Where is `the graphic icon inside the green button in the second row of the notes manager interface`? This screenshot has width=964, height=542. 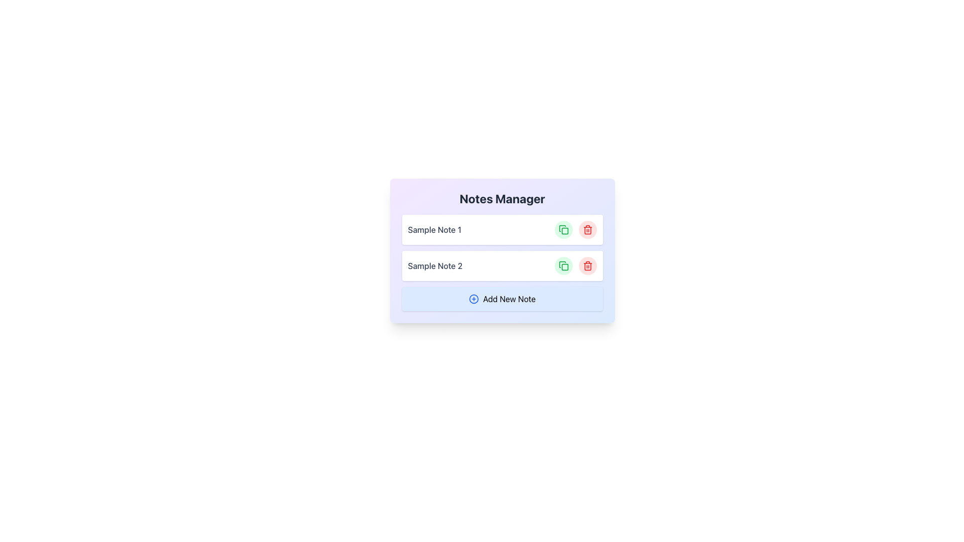 the graphic icon inside the green button in the second row of the notes manager interface is located at coordinates (564, 266).